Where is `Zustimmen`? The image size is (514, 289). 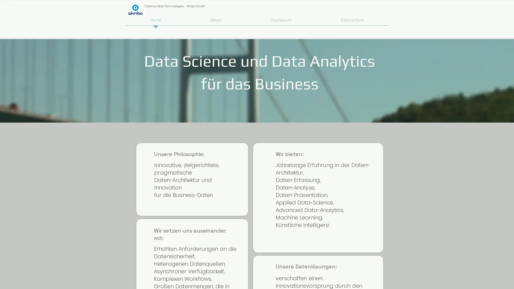 Zustimmen is located at coordinates (486, 279).